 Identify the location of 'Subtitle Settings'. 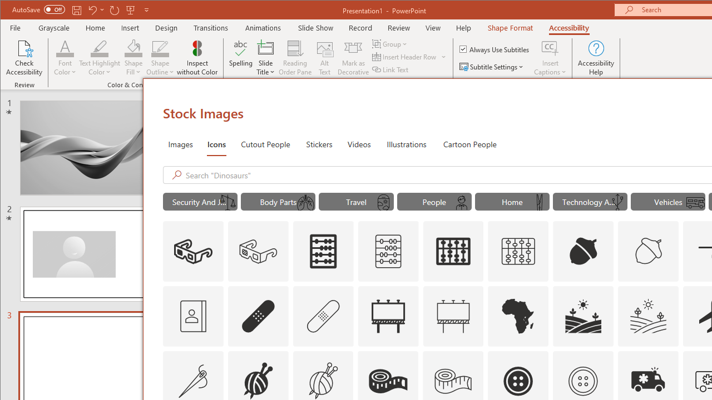
(492, 67).